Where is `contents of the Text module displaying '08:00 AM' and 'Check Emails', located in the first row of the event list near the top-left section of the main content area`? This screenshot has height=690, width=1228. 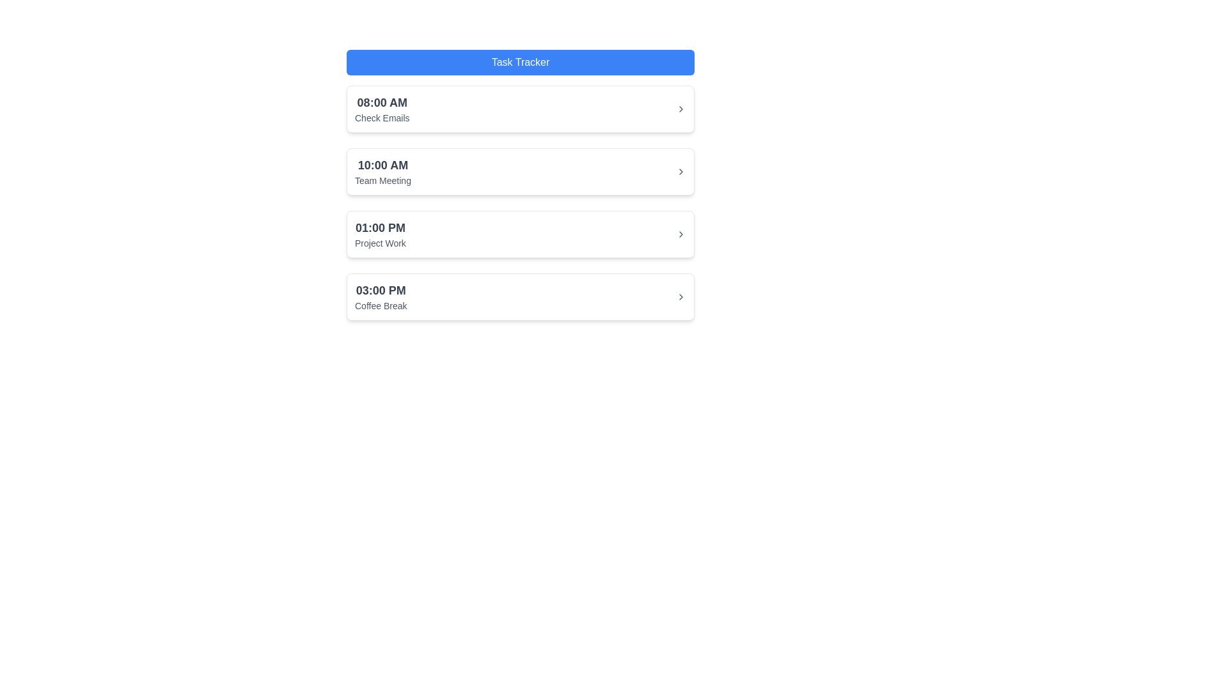 contents of the Text module displaying '08:00 AM' and 'Check Emails', located in the first row of the event list near the top-left section of the main content area is located at coordinates (381, 108).